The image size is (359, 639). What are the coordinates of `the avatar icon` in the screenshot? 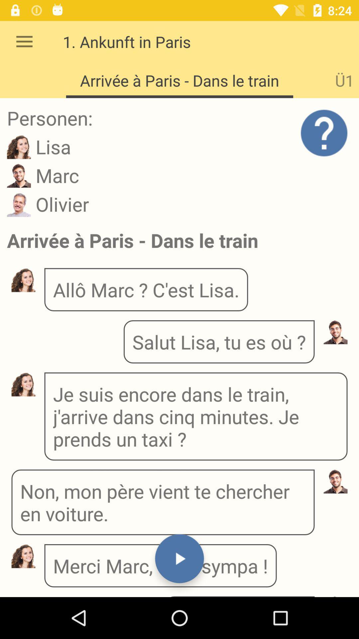 It's located at (335, 481).